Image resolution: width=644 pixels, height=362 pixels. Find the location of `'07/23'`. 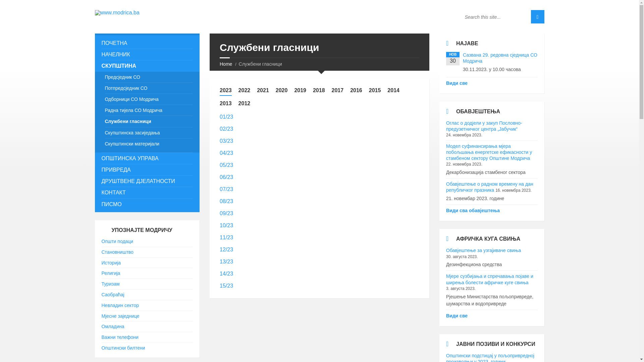

'07/23' is located at coordinates (226, 189).